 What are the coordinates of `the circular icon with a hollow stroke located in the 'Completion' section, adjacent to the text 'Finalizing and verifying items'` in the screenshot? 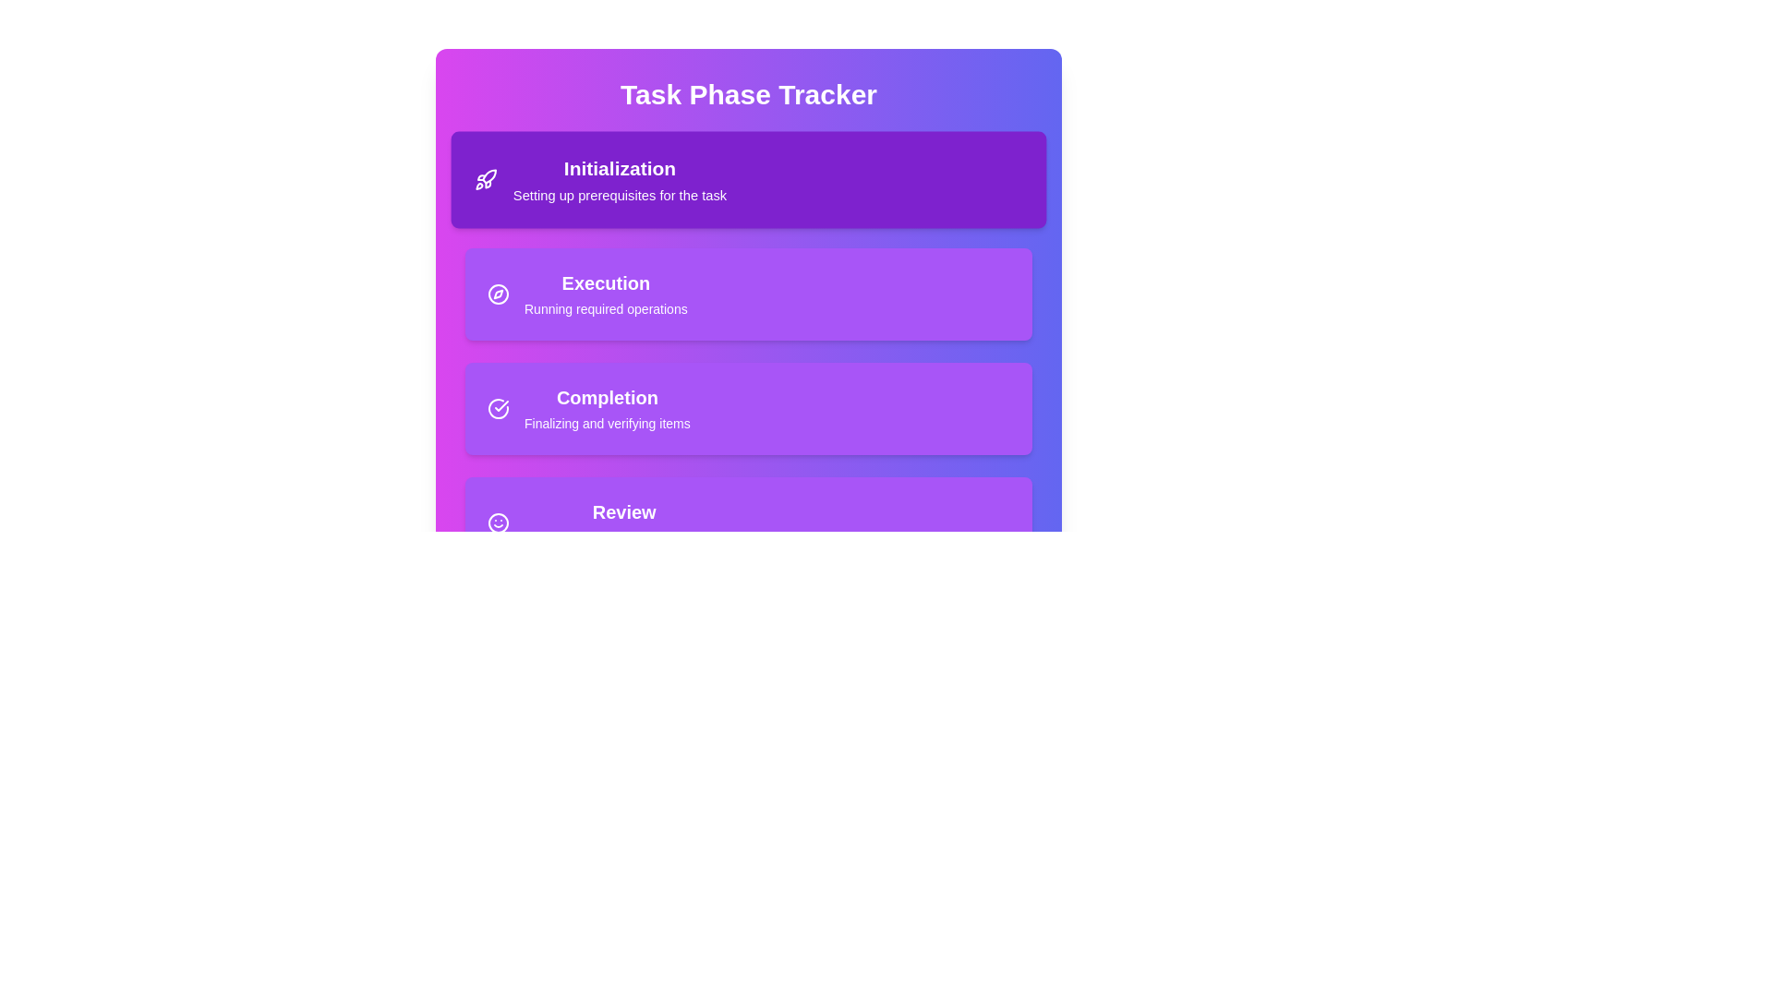 It's located at (498, 408).